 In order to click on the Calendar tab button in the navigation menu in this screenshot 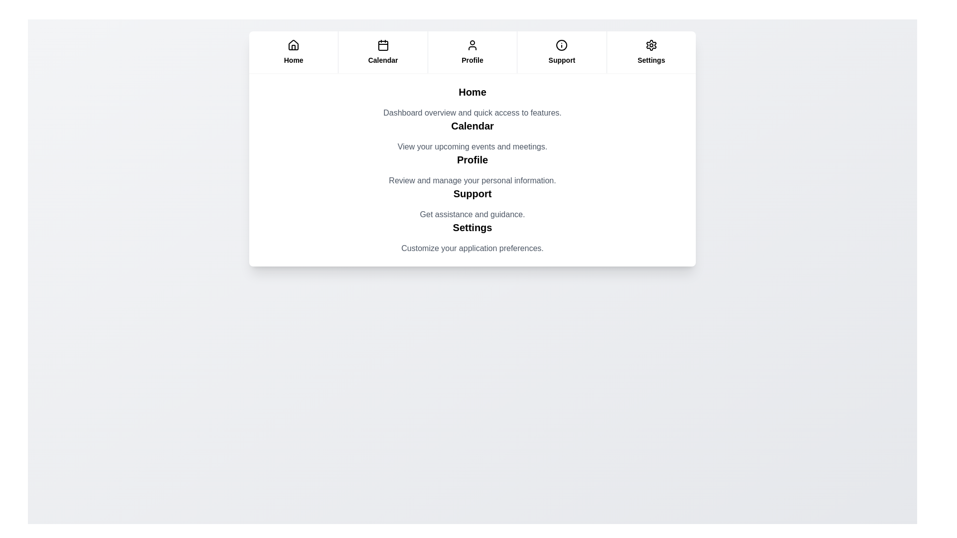, I will do `click(382, 52)`.